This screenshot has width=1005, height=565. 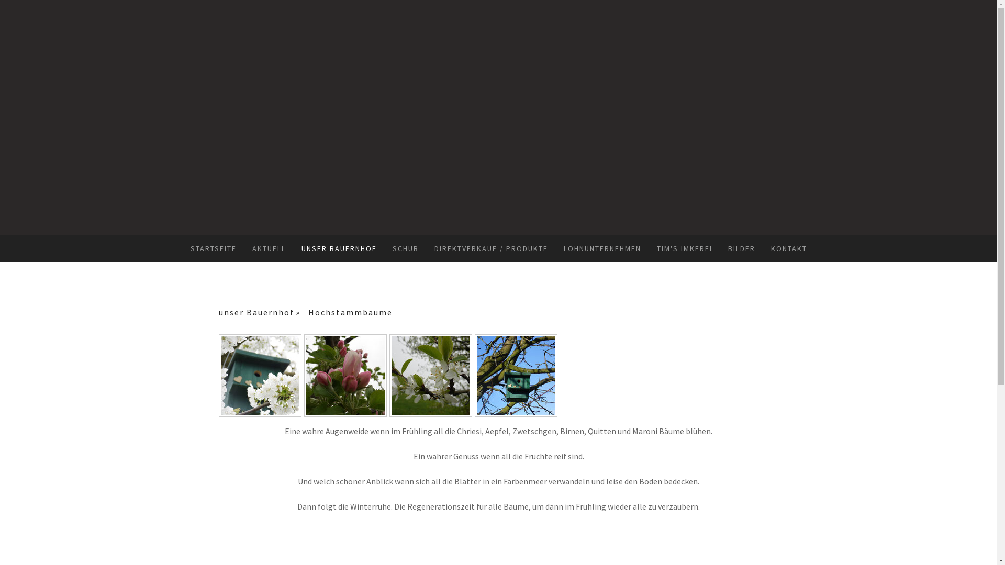 What do you see at coordinates (789, 248) in the screenshot?
I see `'KONTAKT'` at bounding box center [789, 248].